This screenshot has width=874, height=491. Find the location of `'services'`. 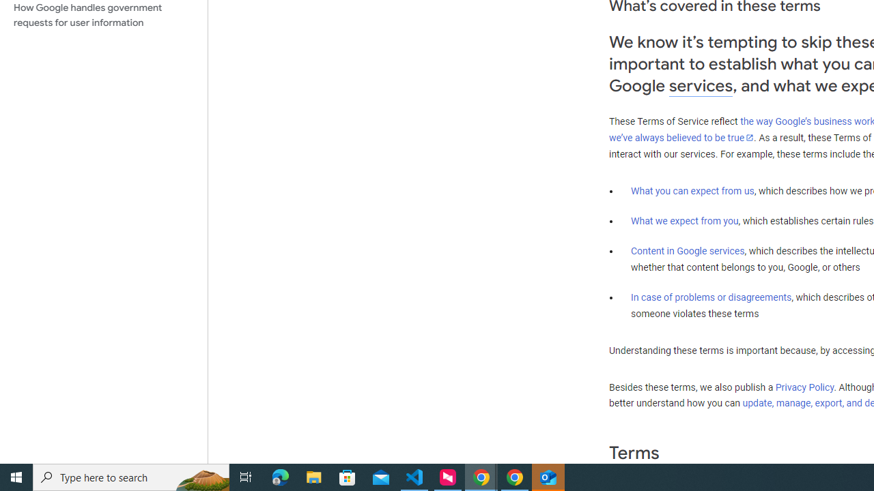

'services' is located at coordinates (701, 85).